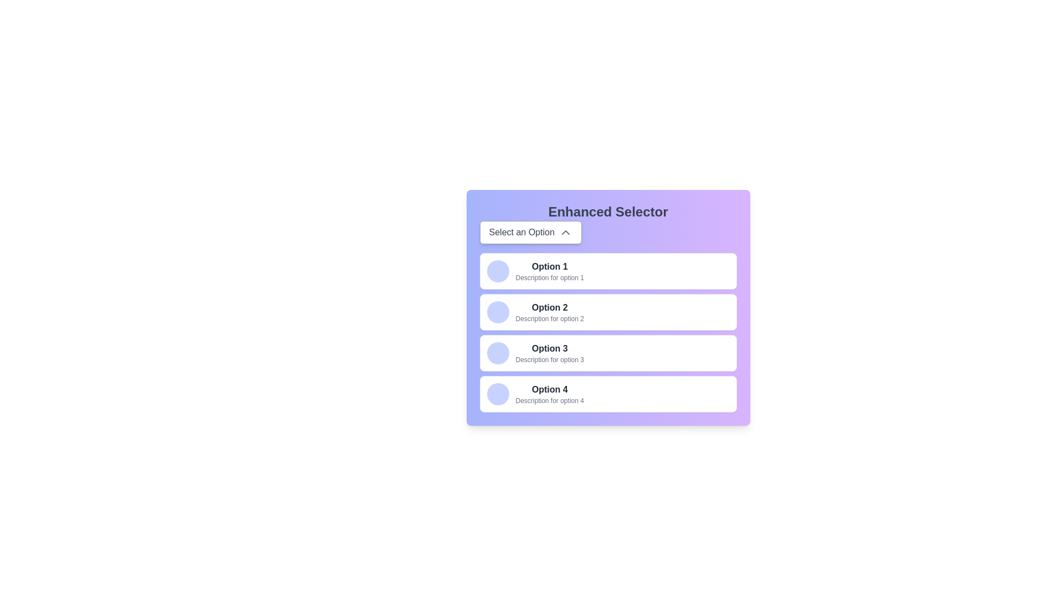  I want to click on the first list item titled 'Option 1' with a subtitle 'Description for option 1' beneath it, which is located directly beneath the title 'Enhanced Selector', so click(607, 271).